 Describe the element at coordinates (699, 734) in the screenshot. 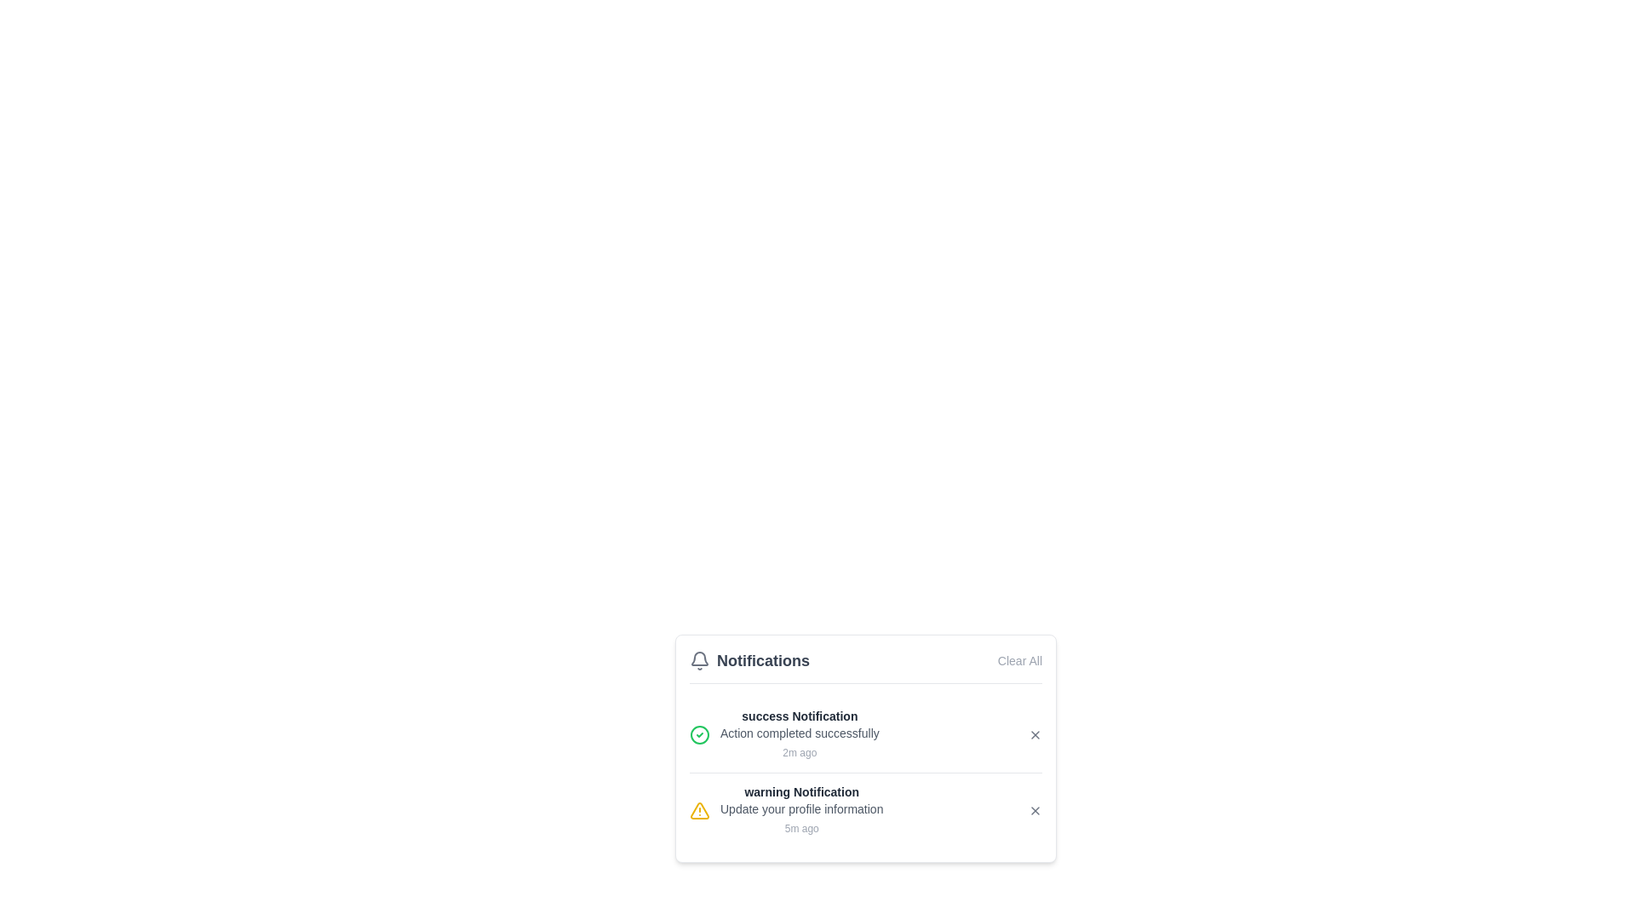

I see `the success indicator icon located in the left section of the notification card, adjacent to the 'success Notification' text` at that location.